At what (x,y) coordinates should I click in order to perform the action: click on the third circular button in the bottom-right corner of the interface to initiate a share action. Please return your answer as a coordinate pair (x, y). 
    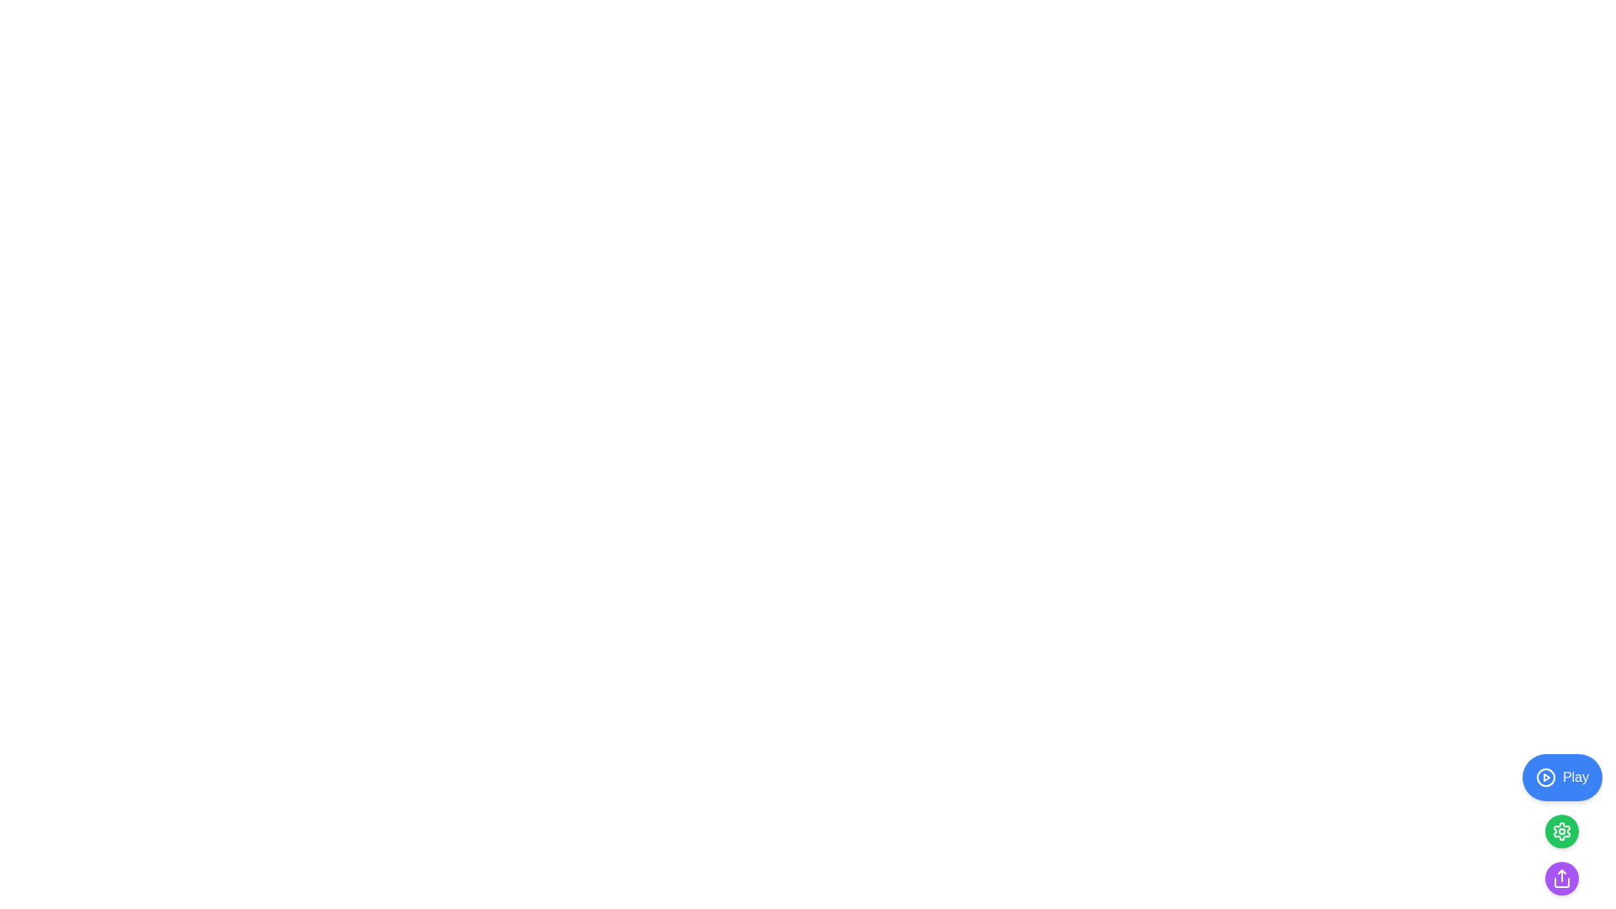
    Looking at the image, I should click on (1561, 878).